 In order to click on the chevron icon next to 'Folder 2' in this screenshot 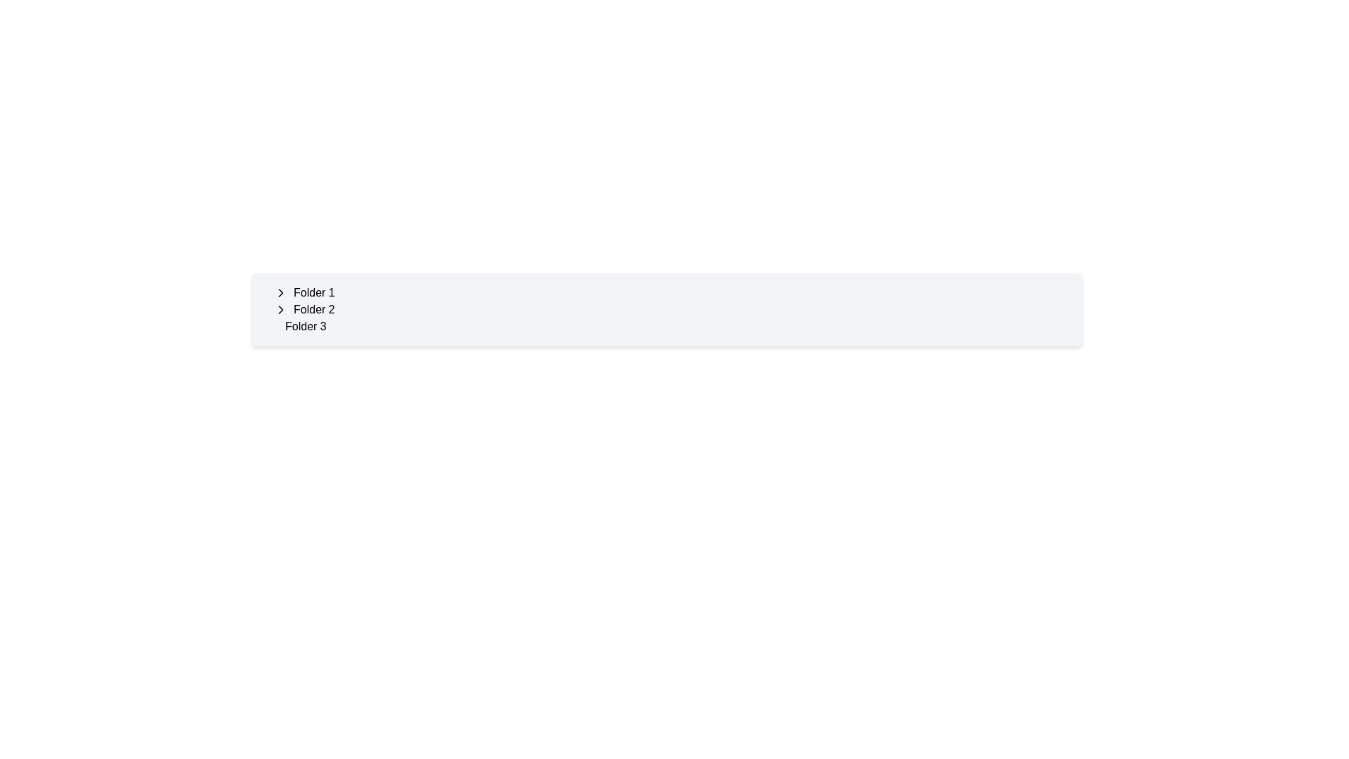, I will do `click(280, 309)`.